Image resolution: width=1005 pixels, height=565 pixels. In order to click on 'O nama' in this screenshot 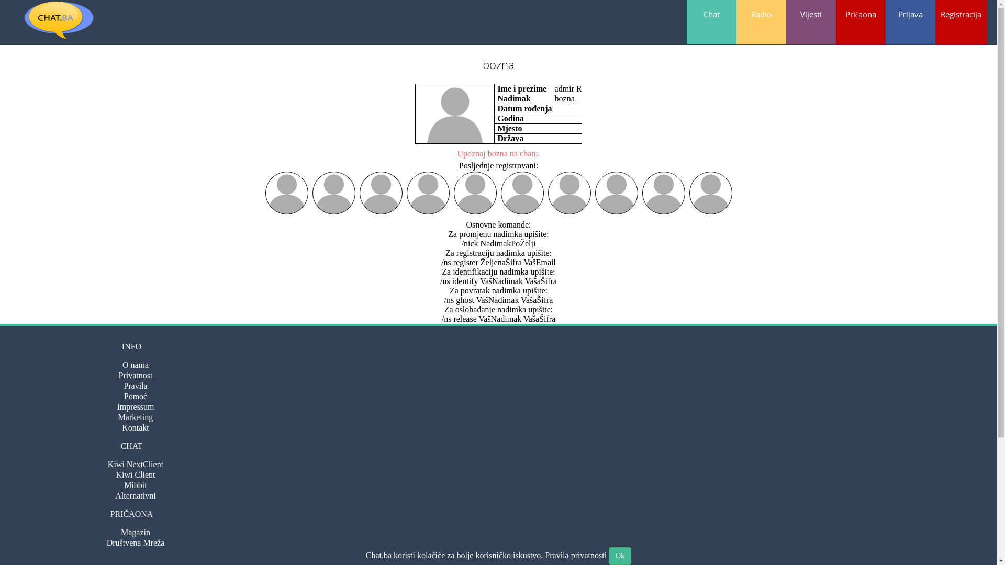, I will do `click(122, 364)`.